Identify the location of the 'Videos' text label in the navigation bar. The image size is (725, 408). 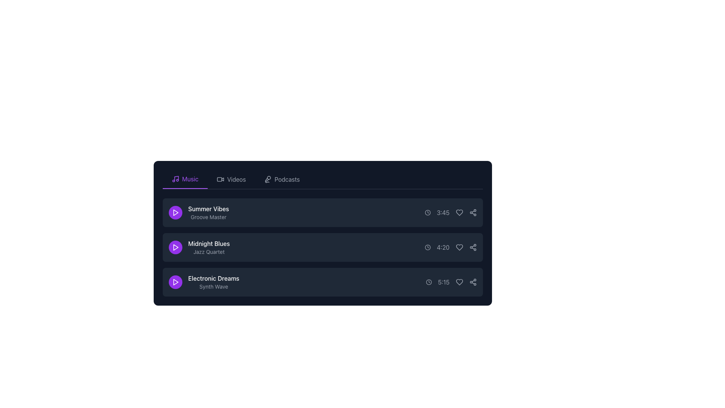
(236, 179).